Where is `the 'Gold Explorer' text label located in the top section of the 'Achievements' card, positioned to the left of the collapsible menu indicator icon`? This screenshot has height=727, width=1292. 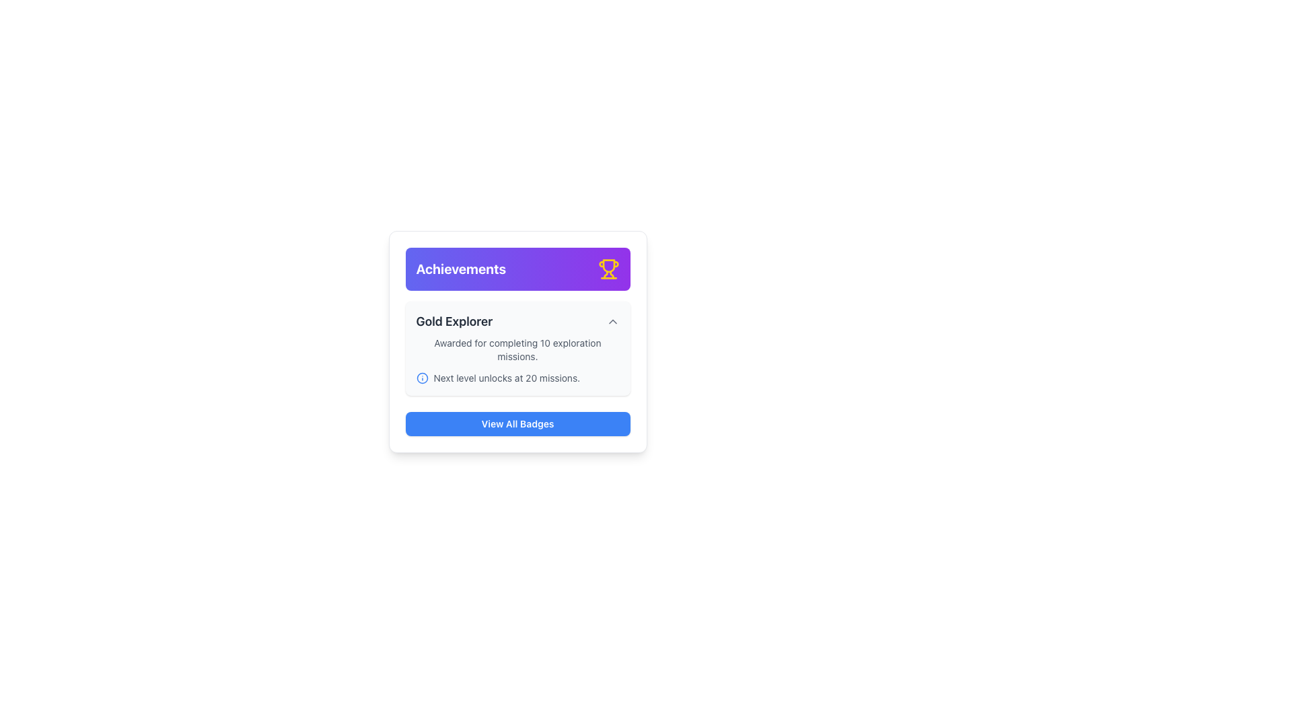
the 'Gold Explorer' text label located in the top section of the 'Achievements' card, positioned to the left of the collapsible menu indicator icon is located at coordinates (454, 322).